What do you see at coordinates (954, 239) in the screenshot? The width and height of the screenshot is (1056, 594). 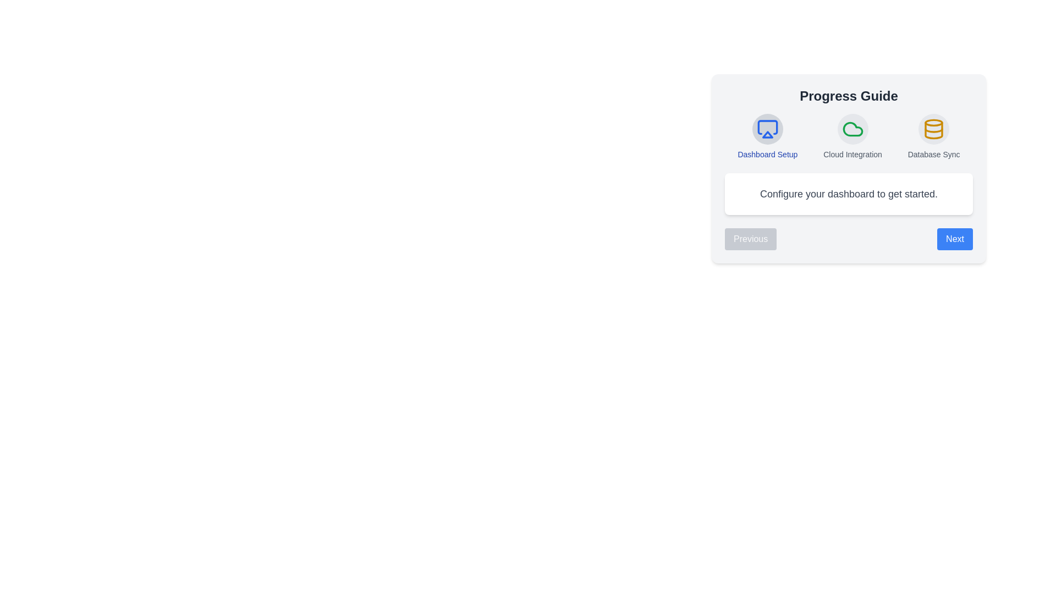 I see `the 'Next' button to navigate to the next step` at bounding box center [954, 239].